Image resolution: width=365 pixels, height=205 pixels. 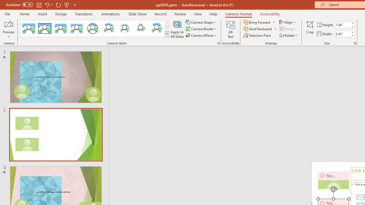 I want to click on 'Crop', so click(x=310, y=29).